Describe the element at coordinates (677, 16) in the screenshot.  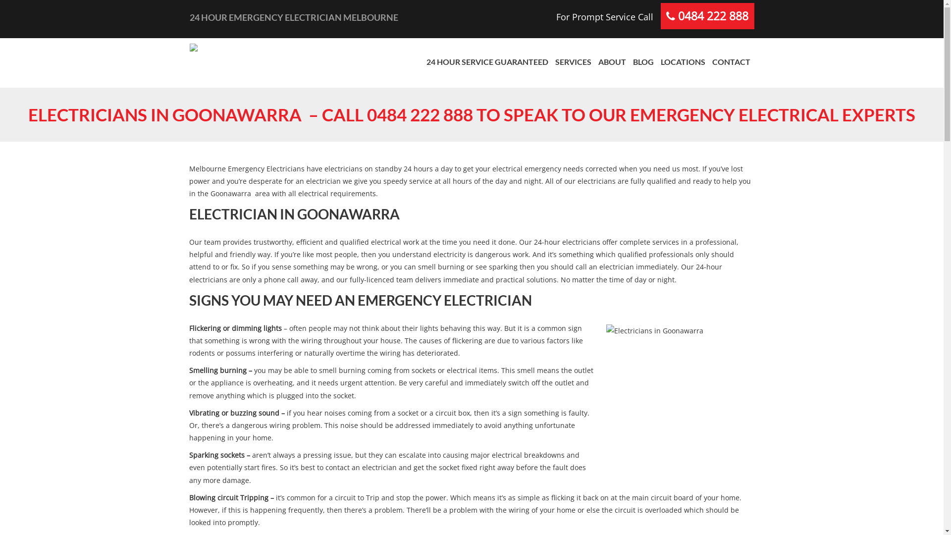
I see `'0484 222 888'` at that location.